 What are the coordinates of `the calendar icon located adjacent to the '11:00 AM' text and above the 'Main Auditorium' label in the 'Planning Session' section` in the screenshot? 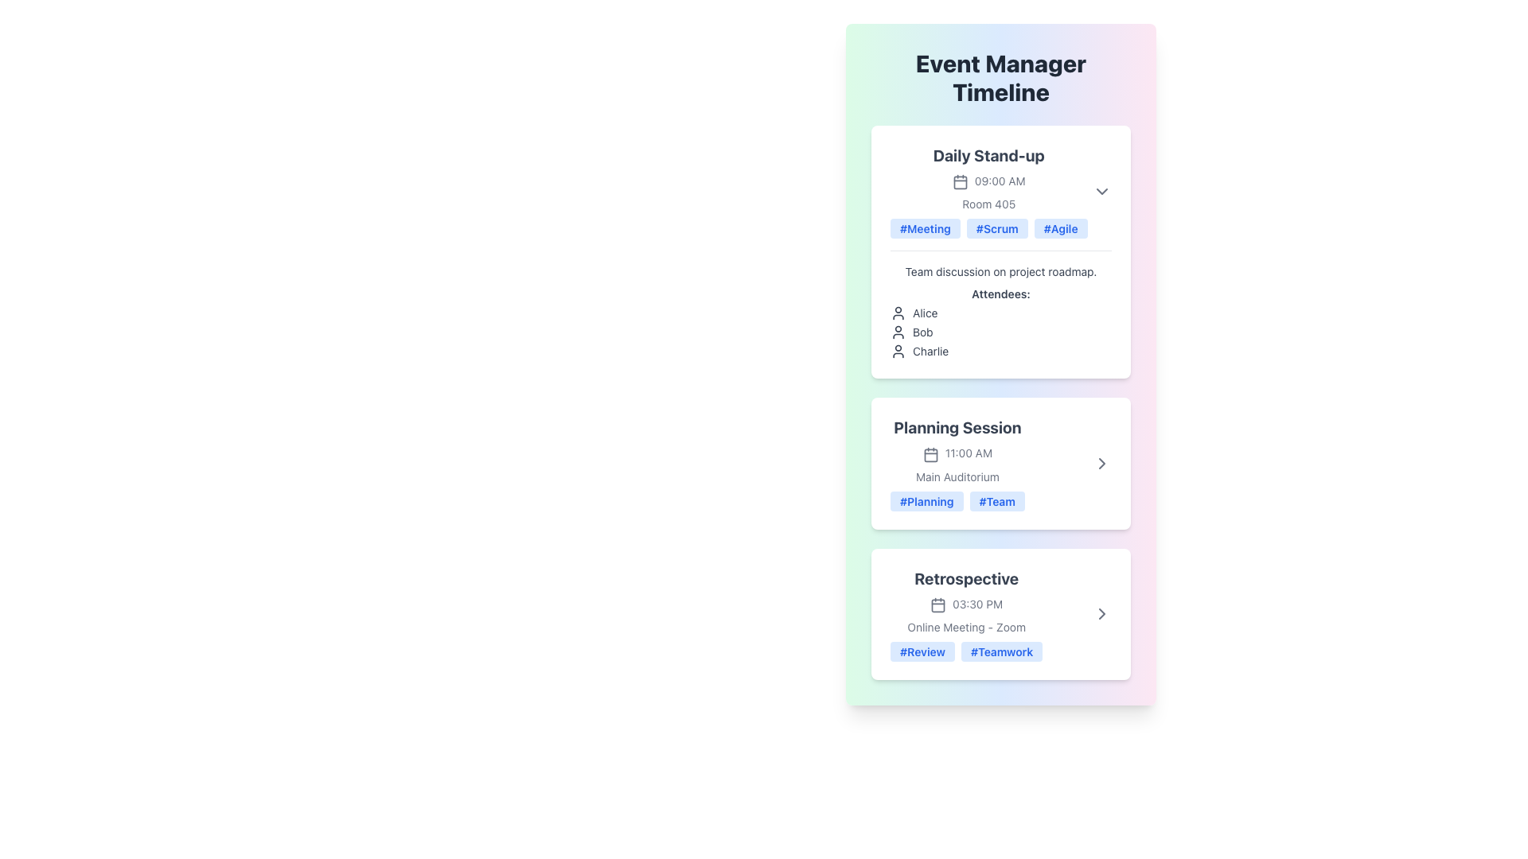 It's located at (930, 454).